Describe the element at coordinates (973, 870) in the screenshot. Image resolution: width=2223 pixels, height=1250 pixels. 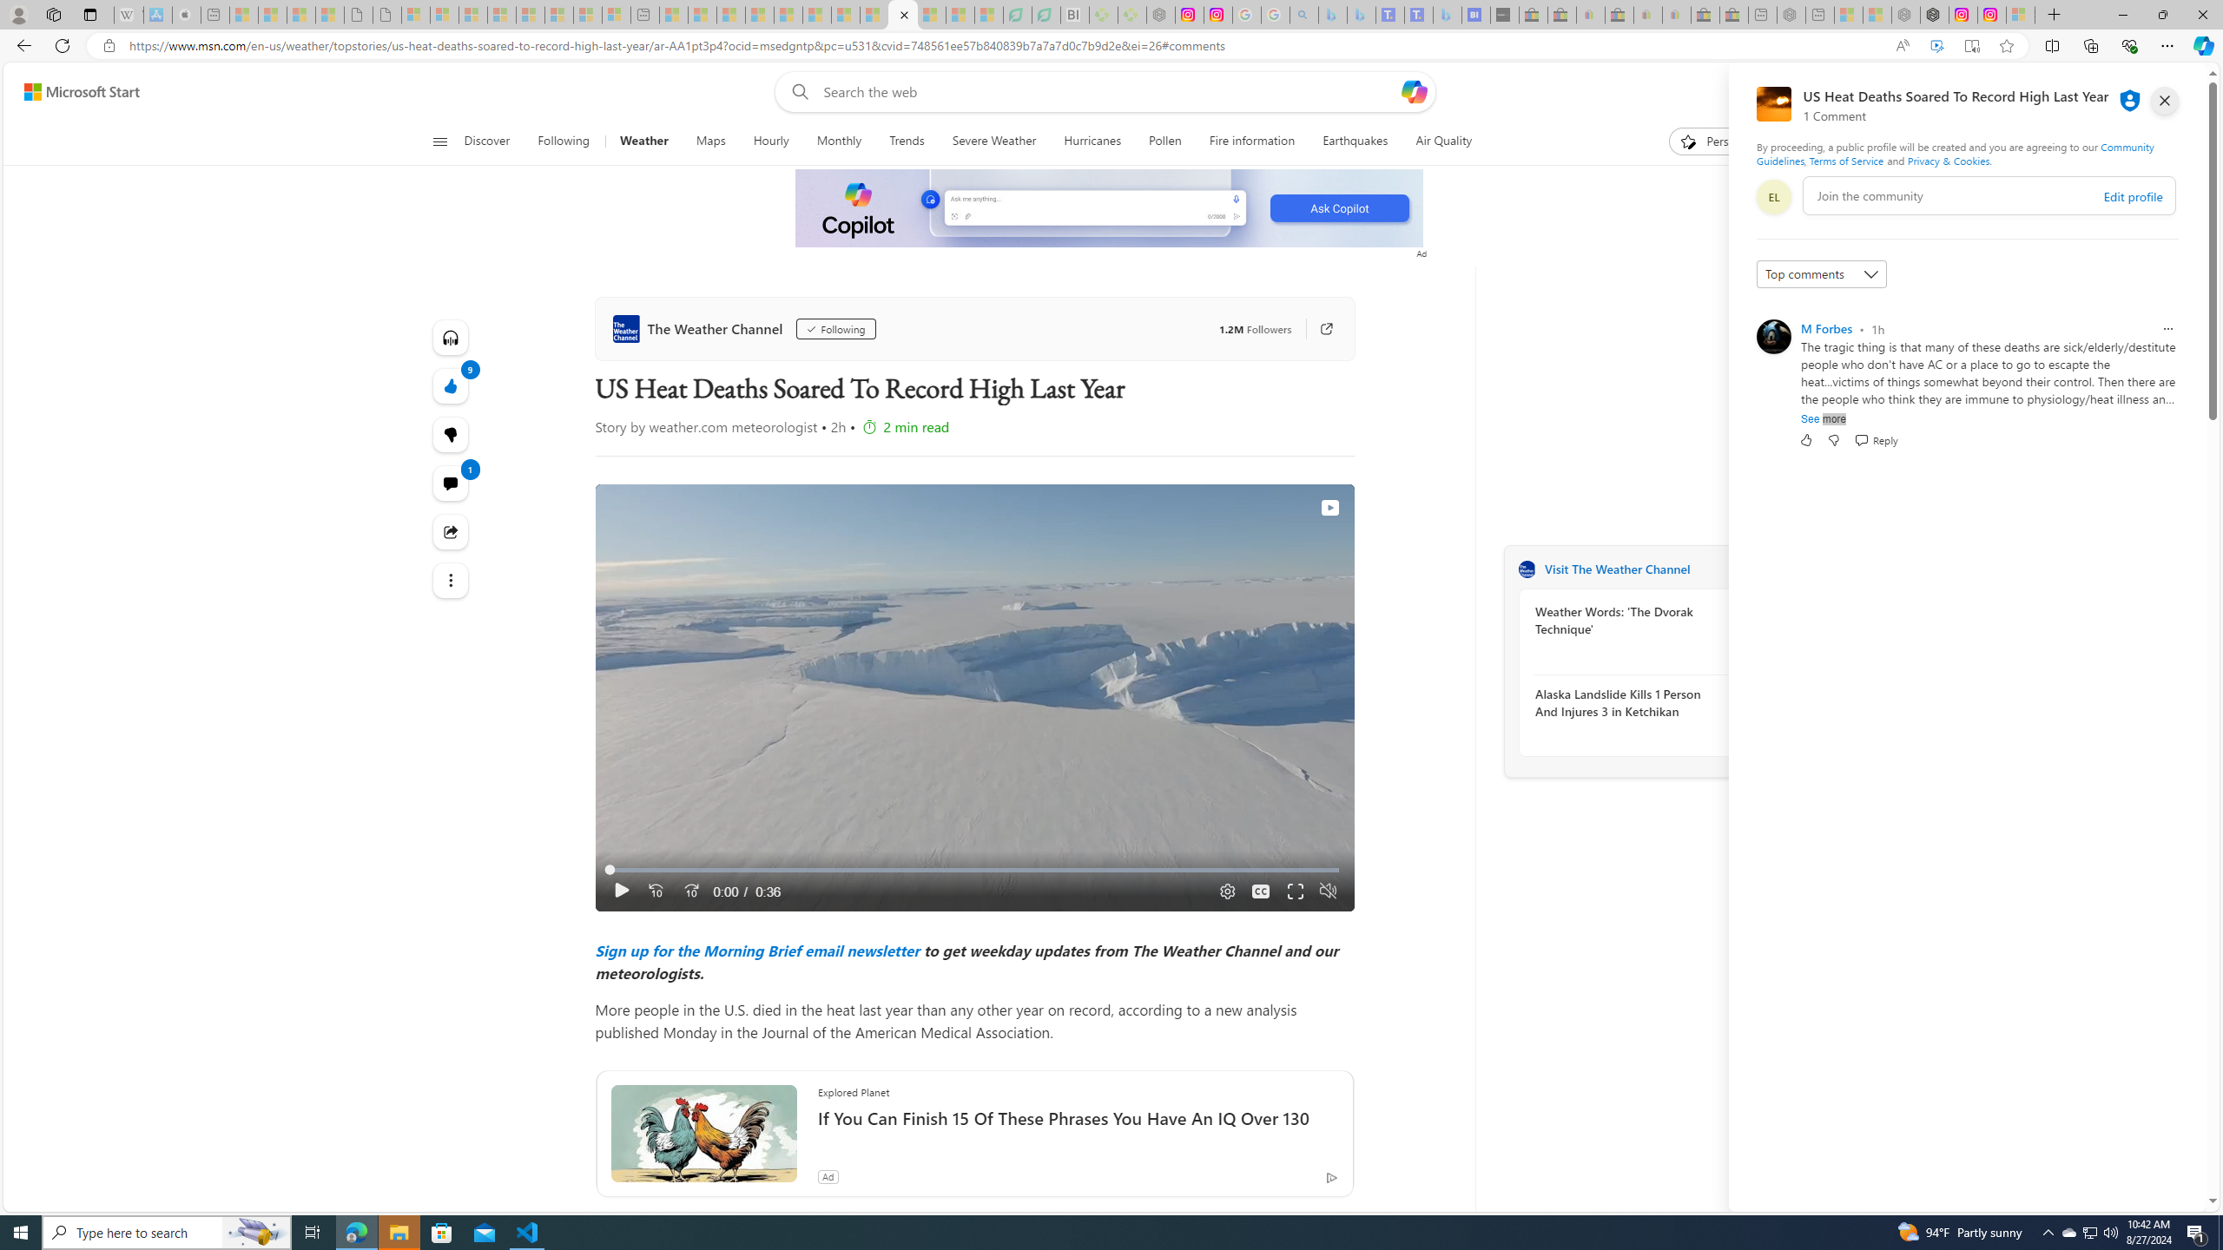
I see `'Progress Bar'` at that location.